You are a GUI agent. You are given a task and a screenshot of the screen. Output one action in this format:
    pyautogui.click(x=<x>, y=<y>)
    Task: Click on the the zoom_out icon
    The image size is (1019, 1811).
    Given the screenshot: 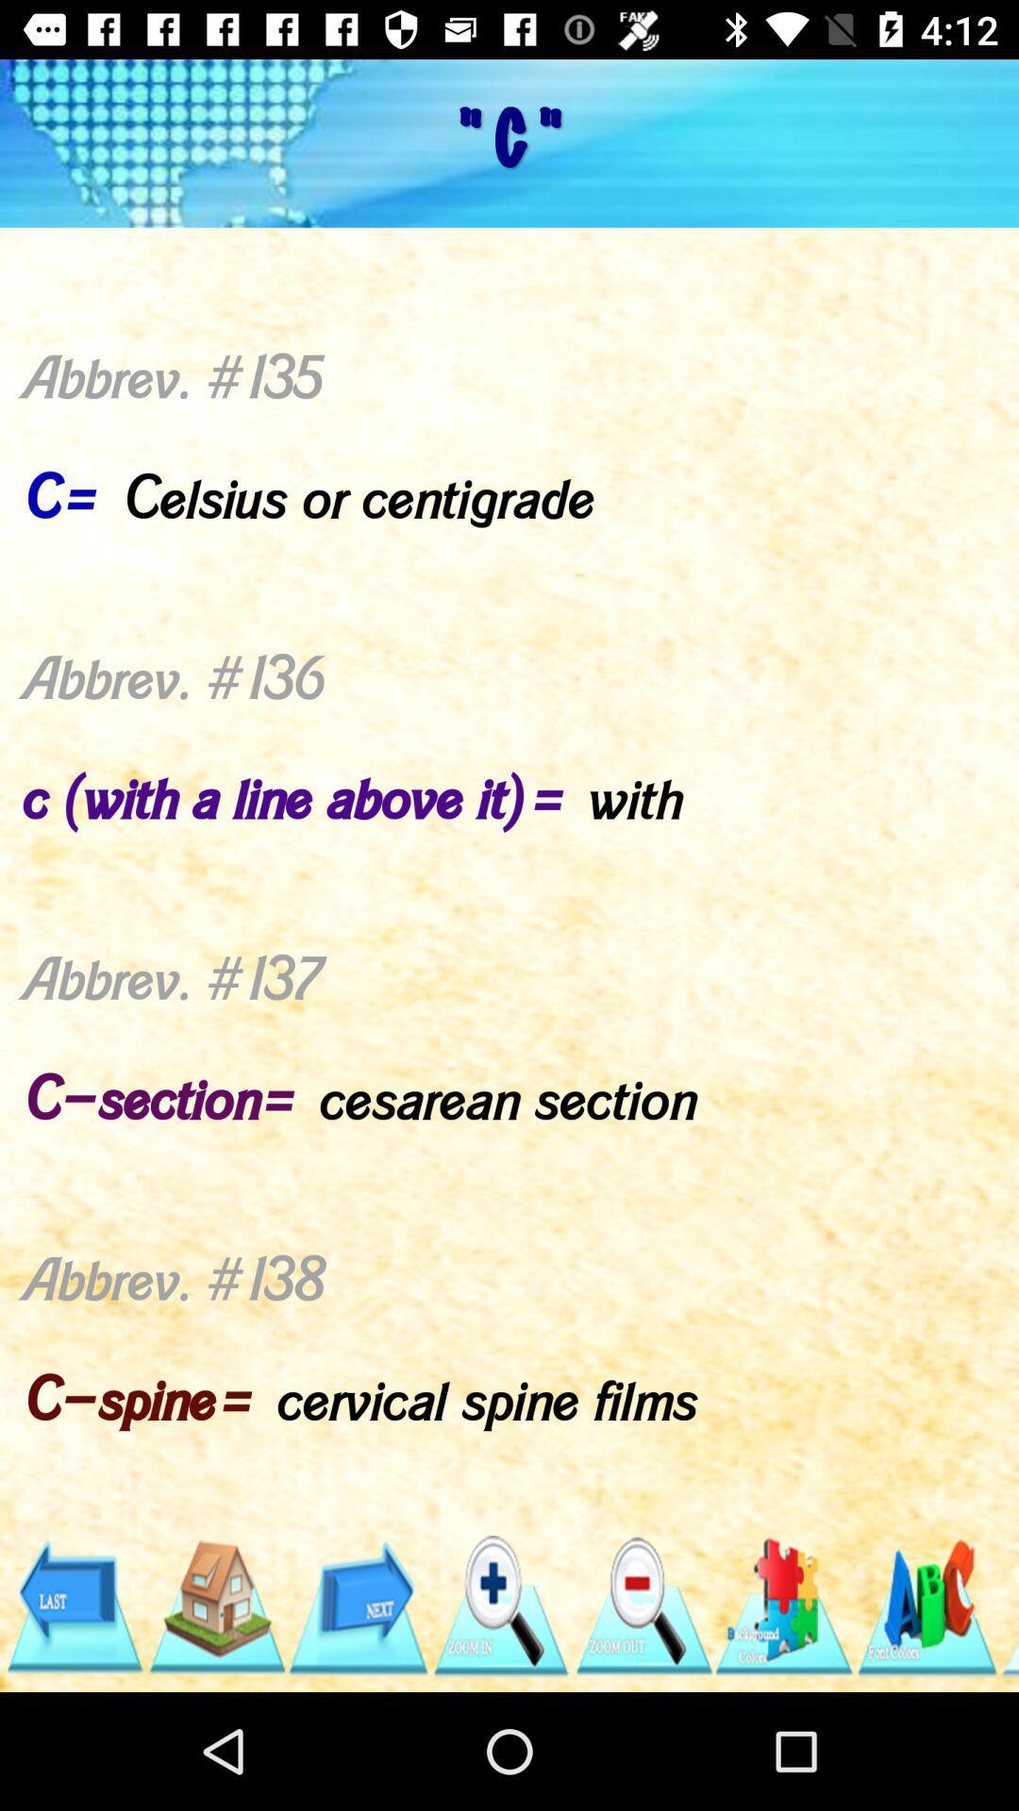 What is the action you would take?
    pyautogui.click(x=642, y=1605)
    